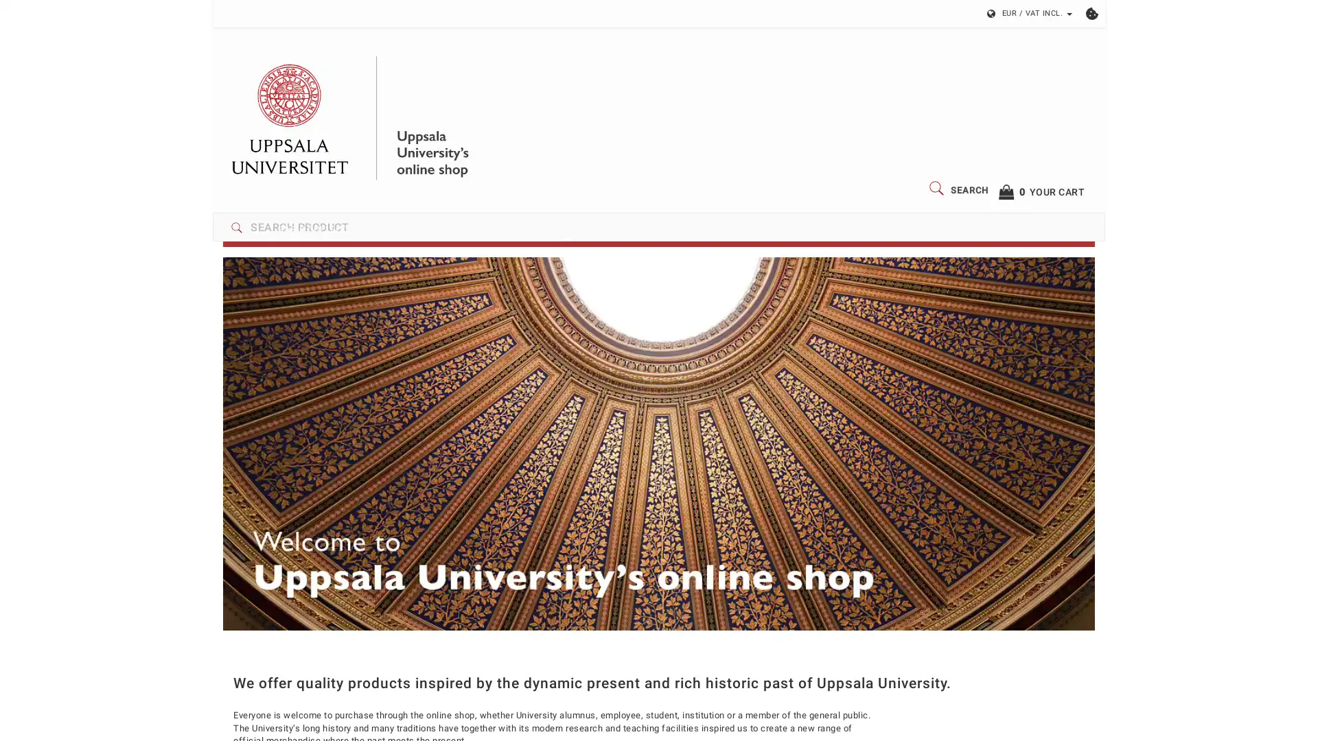 The image size is (1318, 741). I want to click on EUR / VAT INCL., so click(1031, 13).